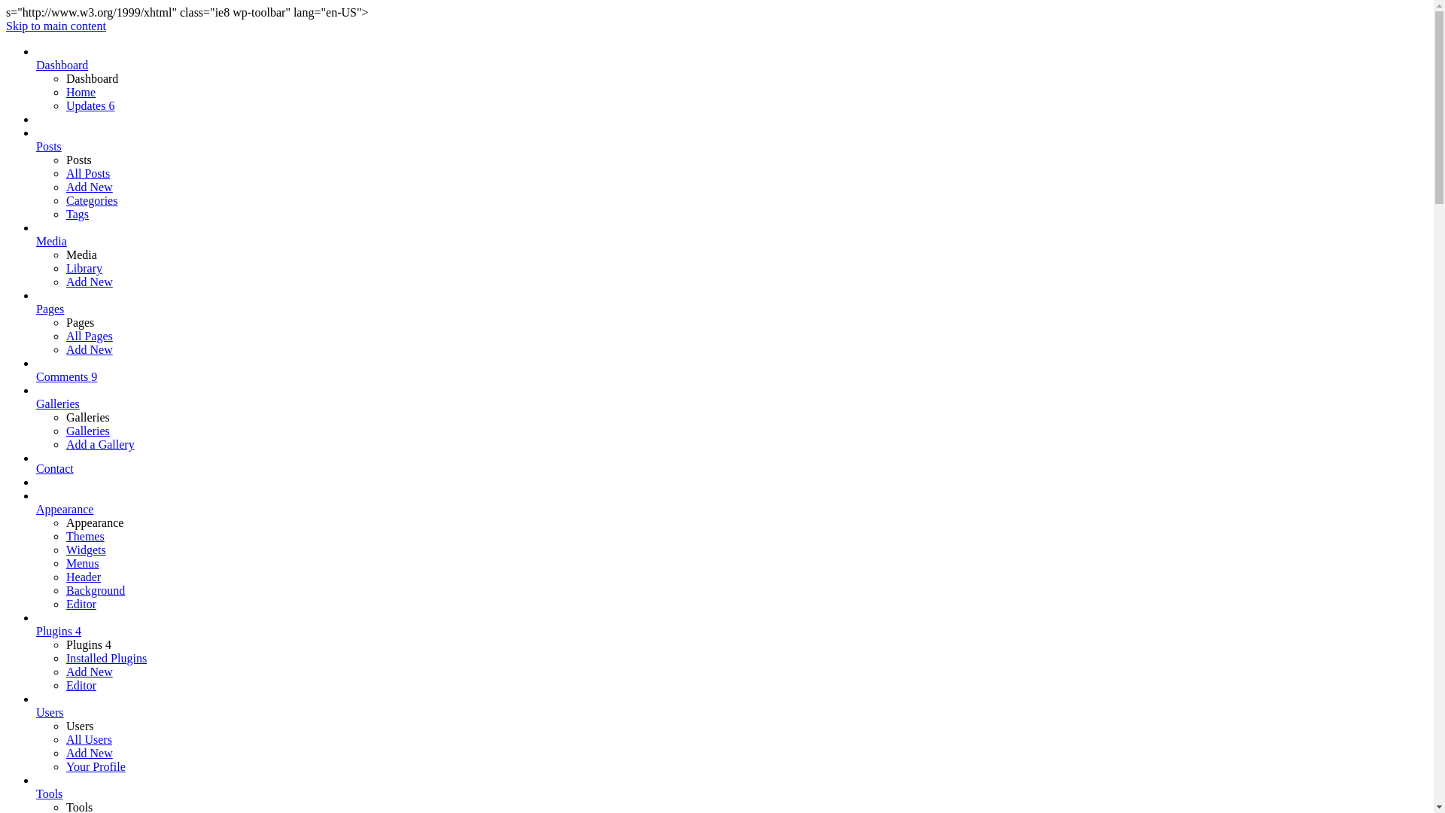 This screenshot has width=1445, height=813. What do you see at coordinates (84, 535) in the screenshot?
I see `'Themes'` at bounding box center [84, 535].